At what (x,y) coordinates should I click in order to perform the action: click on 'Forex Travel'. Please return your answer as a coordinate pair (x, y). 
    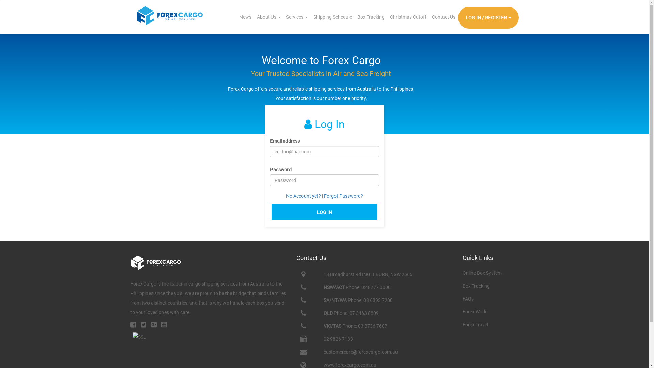
    Looking at the image, I should click on (475, 324).